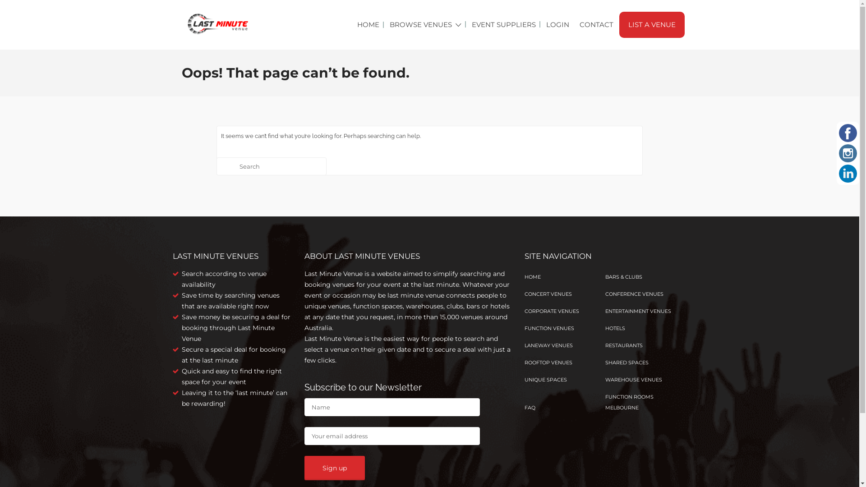 Image resolution: width=866 pixels, height=487 pixels. I want to click on 'HOTELS', so click(614, 328).